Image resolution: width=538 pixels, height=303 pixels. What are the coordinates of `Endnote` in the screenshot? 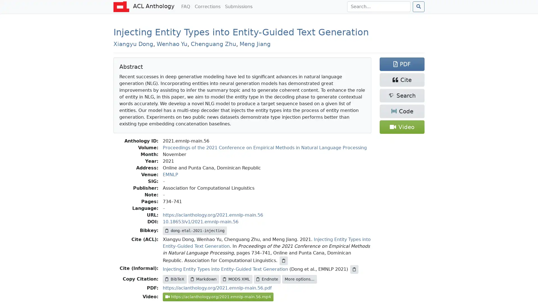 It's located at (267, 279).